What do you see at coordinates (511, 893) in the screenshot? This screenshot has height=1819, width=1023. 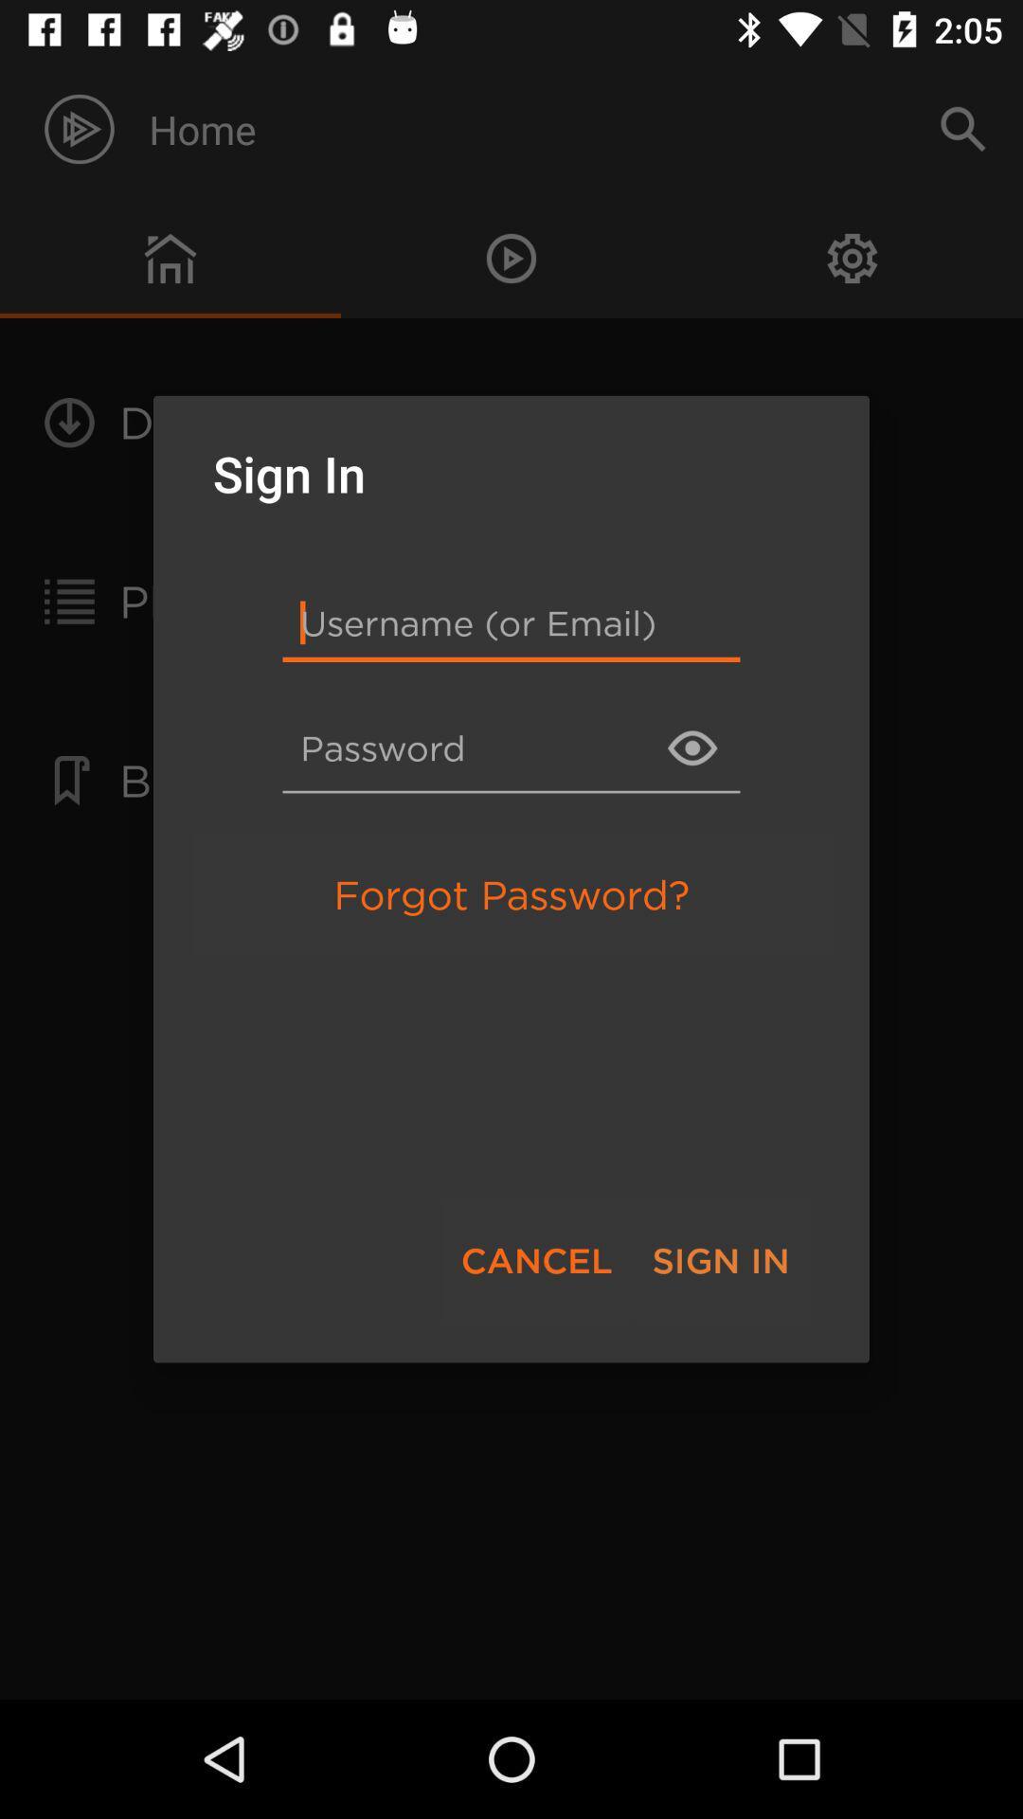 I see `the forgot password? item` at bounding box center [511, 893].